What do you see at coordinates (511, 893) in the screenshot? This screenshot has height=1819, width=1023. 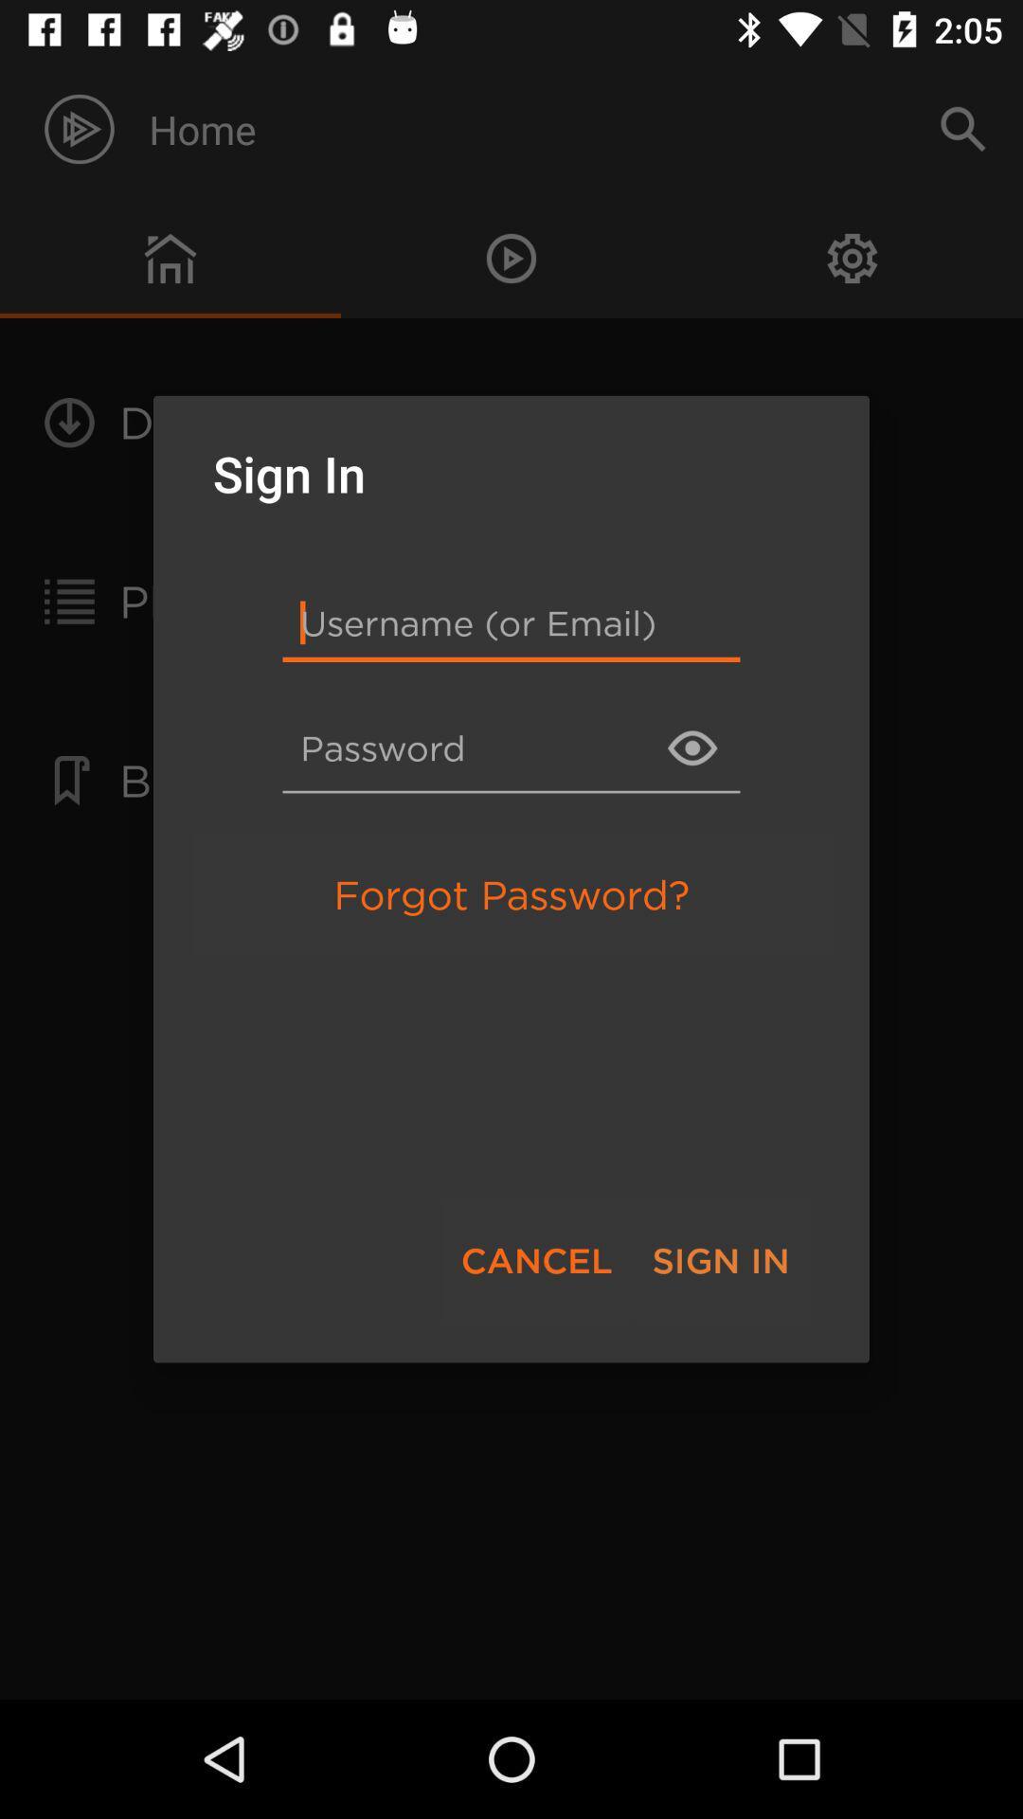 I see `the forgot password? item` at bounding box center [511, 893].